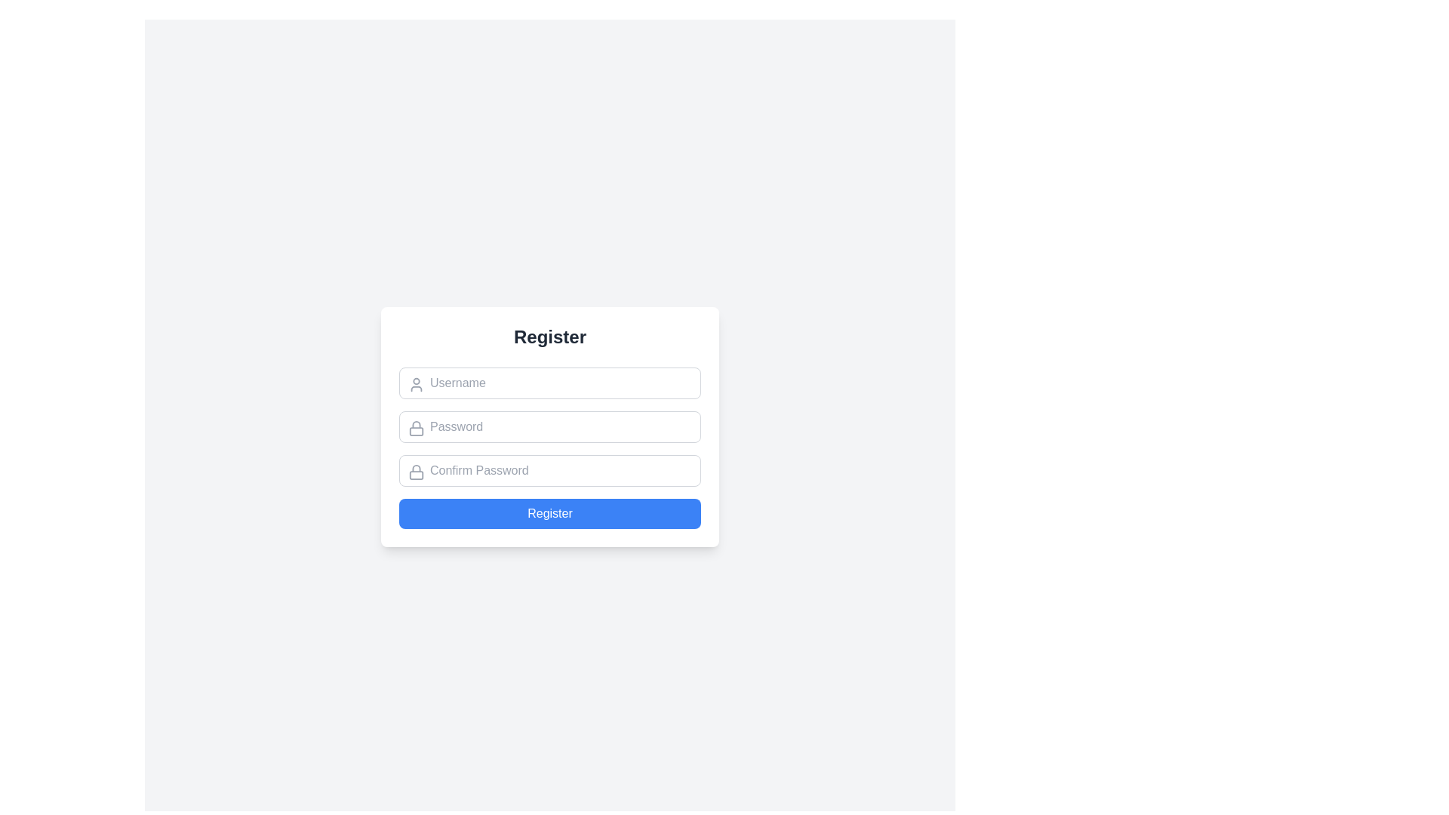 The height and width of the screenshot is (815, 1449). Describe the element at coordinates (417, 383) in the screenshot. I see `the user silhouette SVG icon, which is styled in gray and positioned near the upper-left corner of the Username input field in the registration form` at that location.